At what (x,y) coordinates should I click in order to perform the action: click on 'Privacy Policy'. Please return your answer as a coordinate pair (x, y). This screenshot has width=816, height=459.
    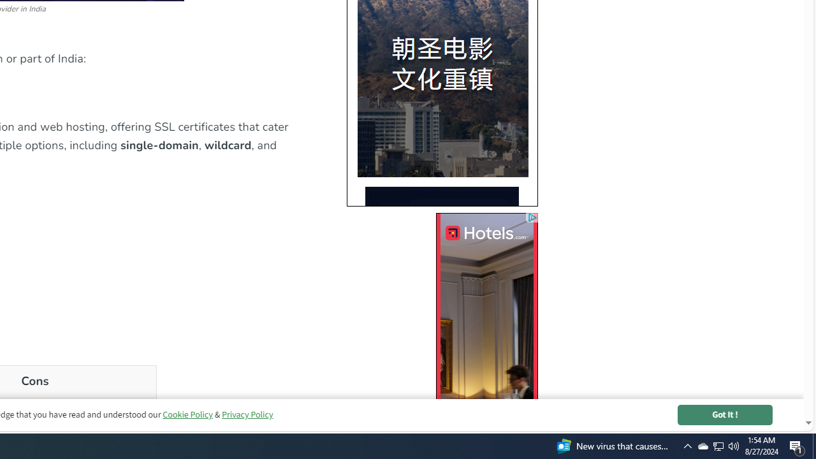
    Looking at the image, I should click on (247, 414).